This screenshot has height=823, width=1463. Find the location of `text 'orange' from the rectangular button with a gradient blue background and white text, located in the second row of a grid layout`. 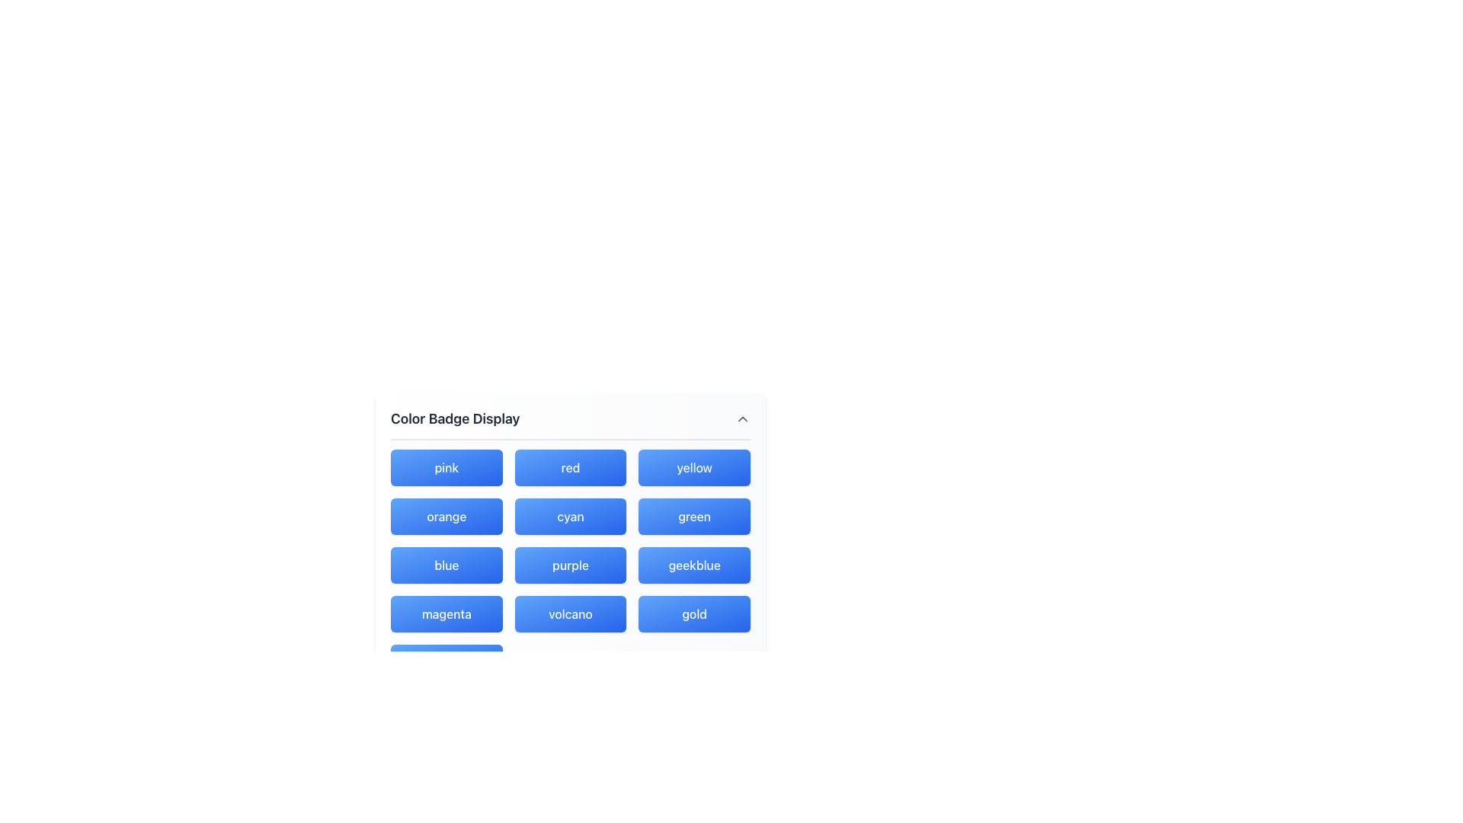

text 'orange' from the rectangular button with a gradient blue background and white text, located in the second row of a grid layout is located at coordinates (446, 516).